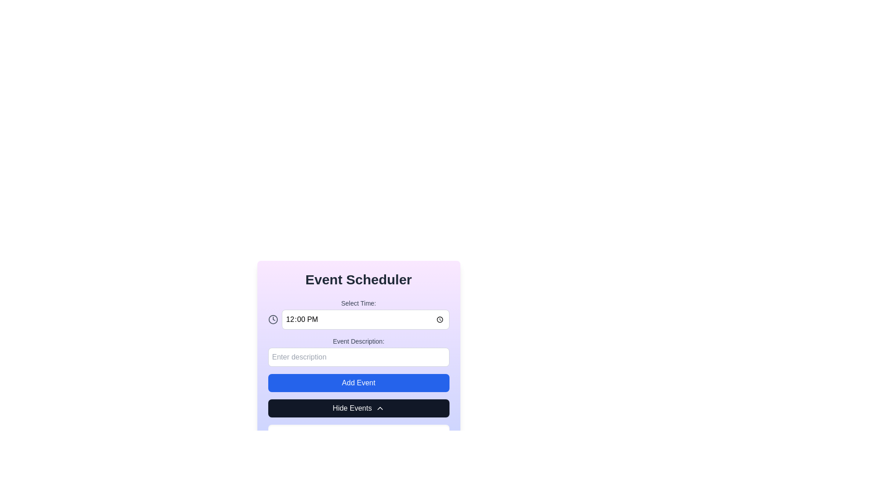  Describe the element at coordinates (380, 408) in the screenshot. I see `the icon located to the right of the text within the 'Hide Events' button at the bottom of the Event Scheduler section` at that location.